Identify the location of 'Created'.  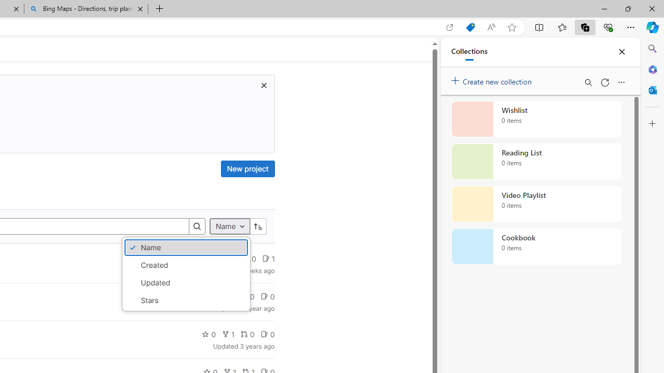
(186, 265).